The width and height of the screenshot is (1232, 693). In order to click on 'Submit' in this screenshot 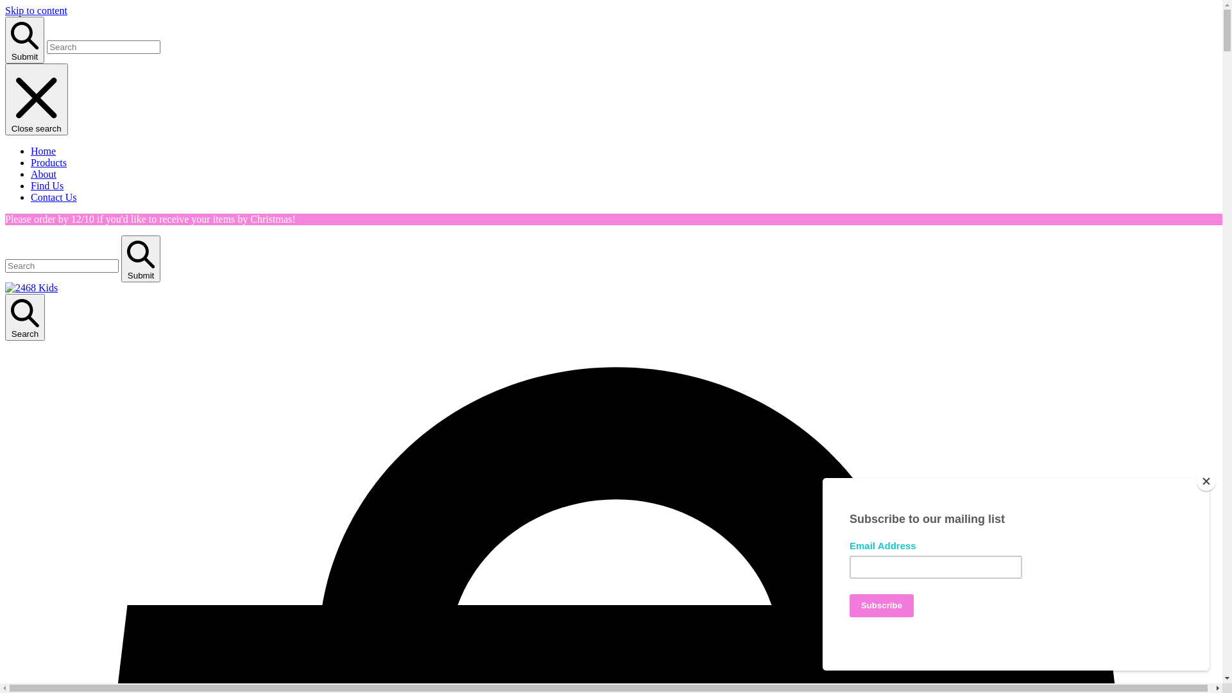, I will do `click(24, 39)`.